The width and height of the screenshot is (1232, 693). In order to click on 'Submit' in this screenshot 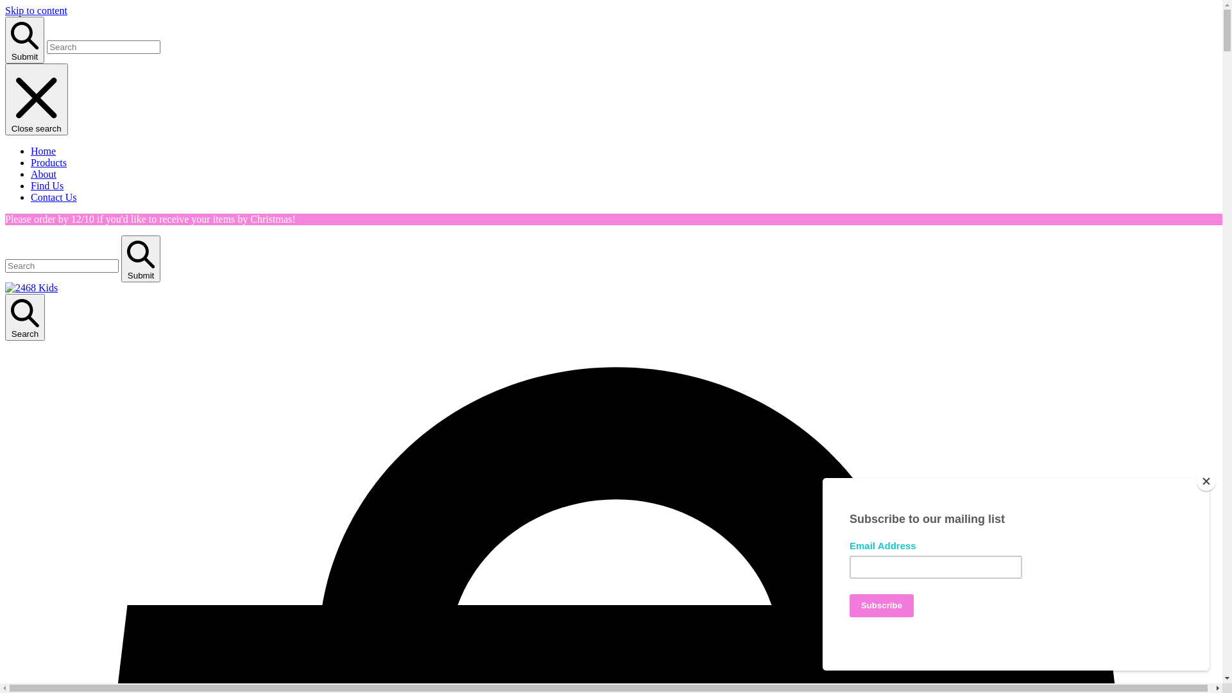, I will do `click(24, 39)`.